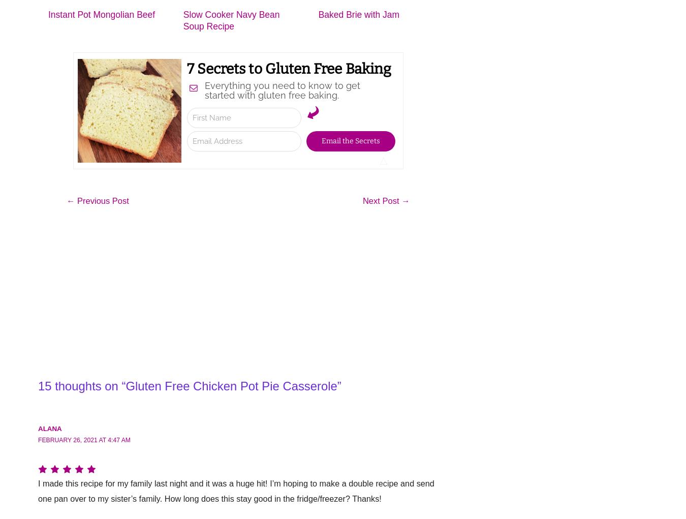  Describe the element at coordinates (288, 69) in the screenshot. I see `'7 Secrets to Gluten Free Baking'` at that location.